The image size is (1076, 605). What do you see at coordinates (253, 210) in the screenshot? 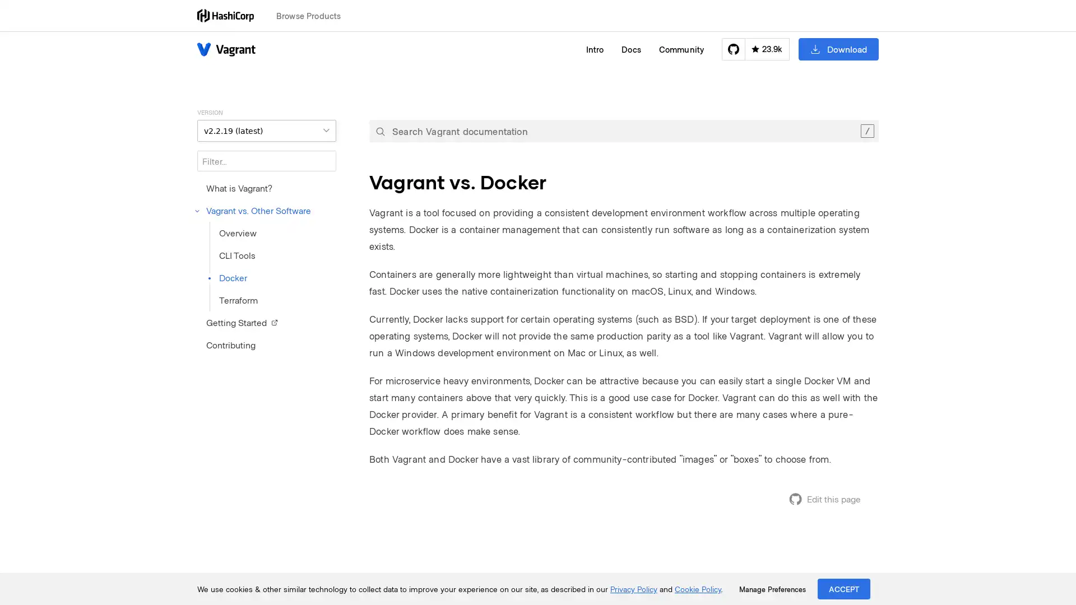
I see `Vagrant vs. Other Software` at bounding box center [253, 210].